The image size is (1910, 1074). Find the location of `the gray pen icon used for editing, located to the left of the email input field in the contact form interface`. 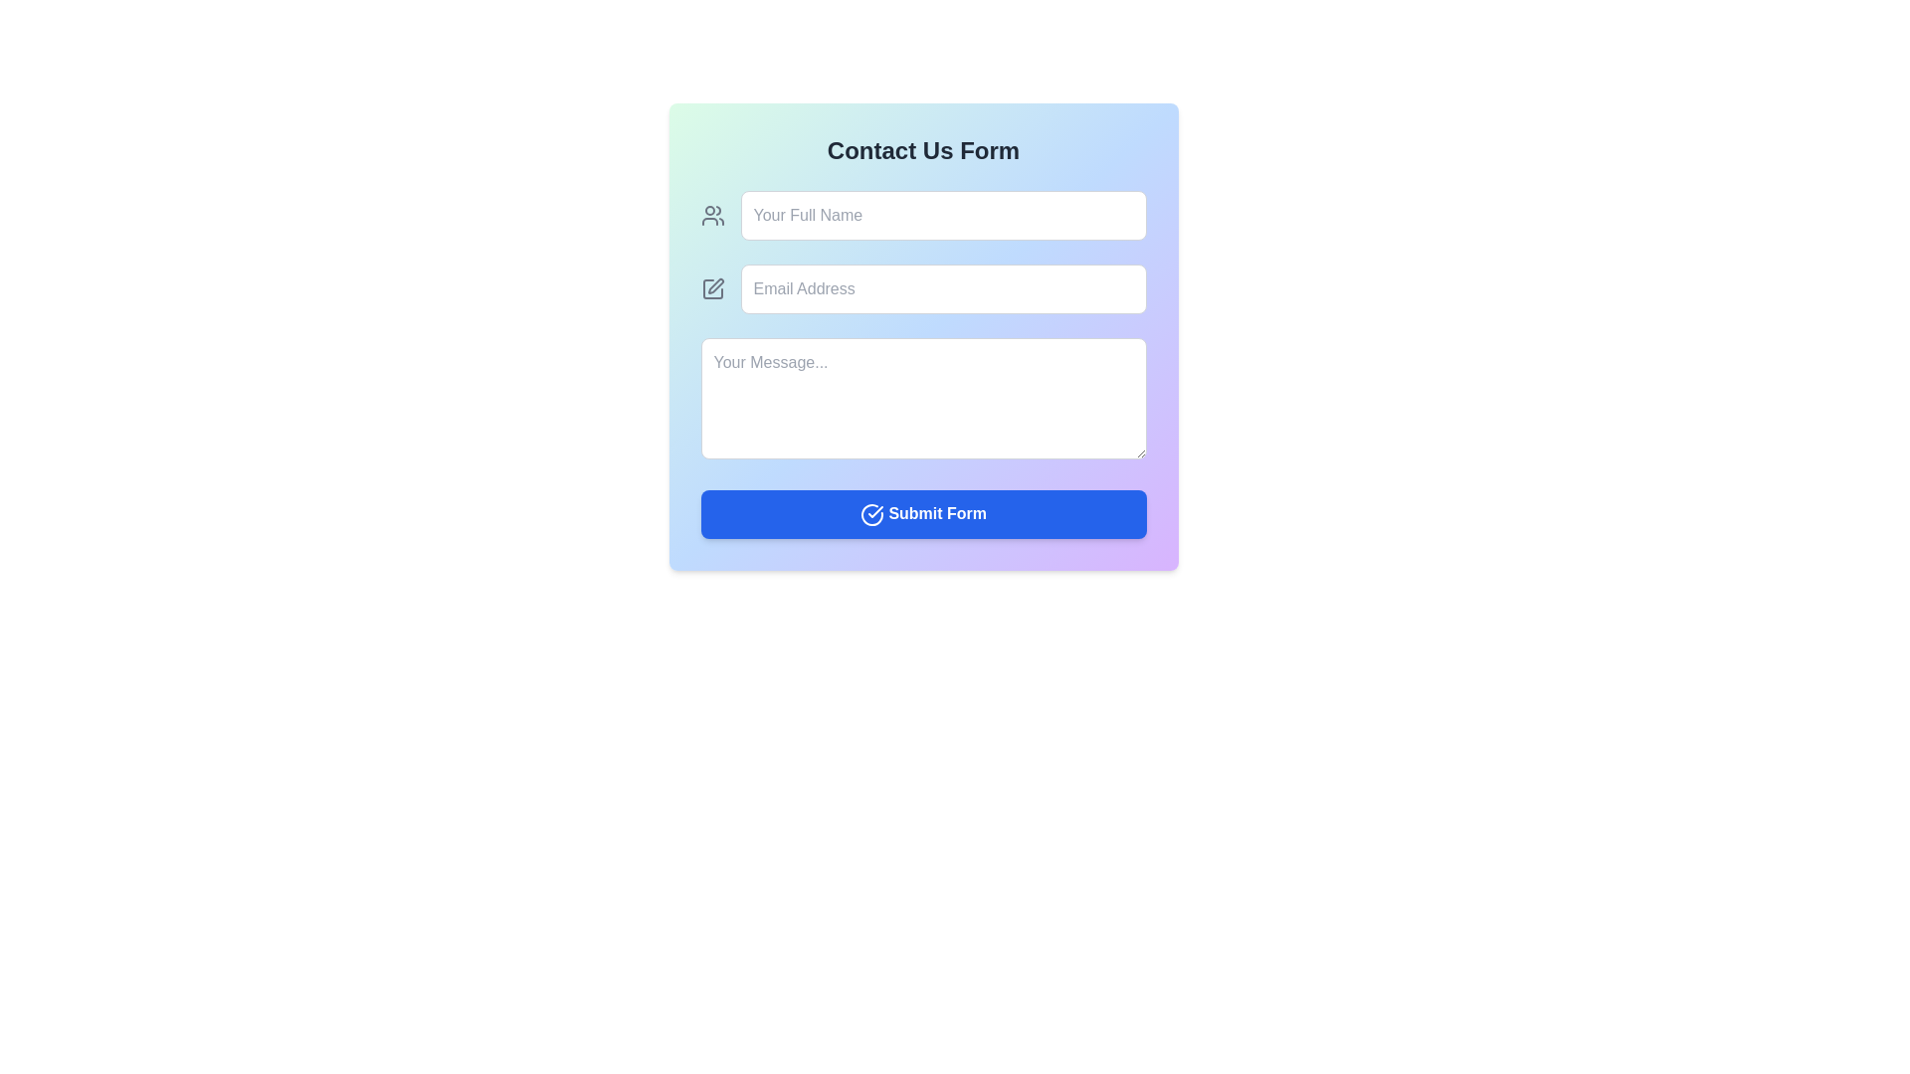

the gray pen icon used for editing, located to the left of the email input field in the contact form interface is located at coordinates (715, 286).